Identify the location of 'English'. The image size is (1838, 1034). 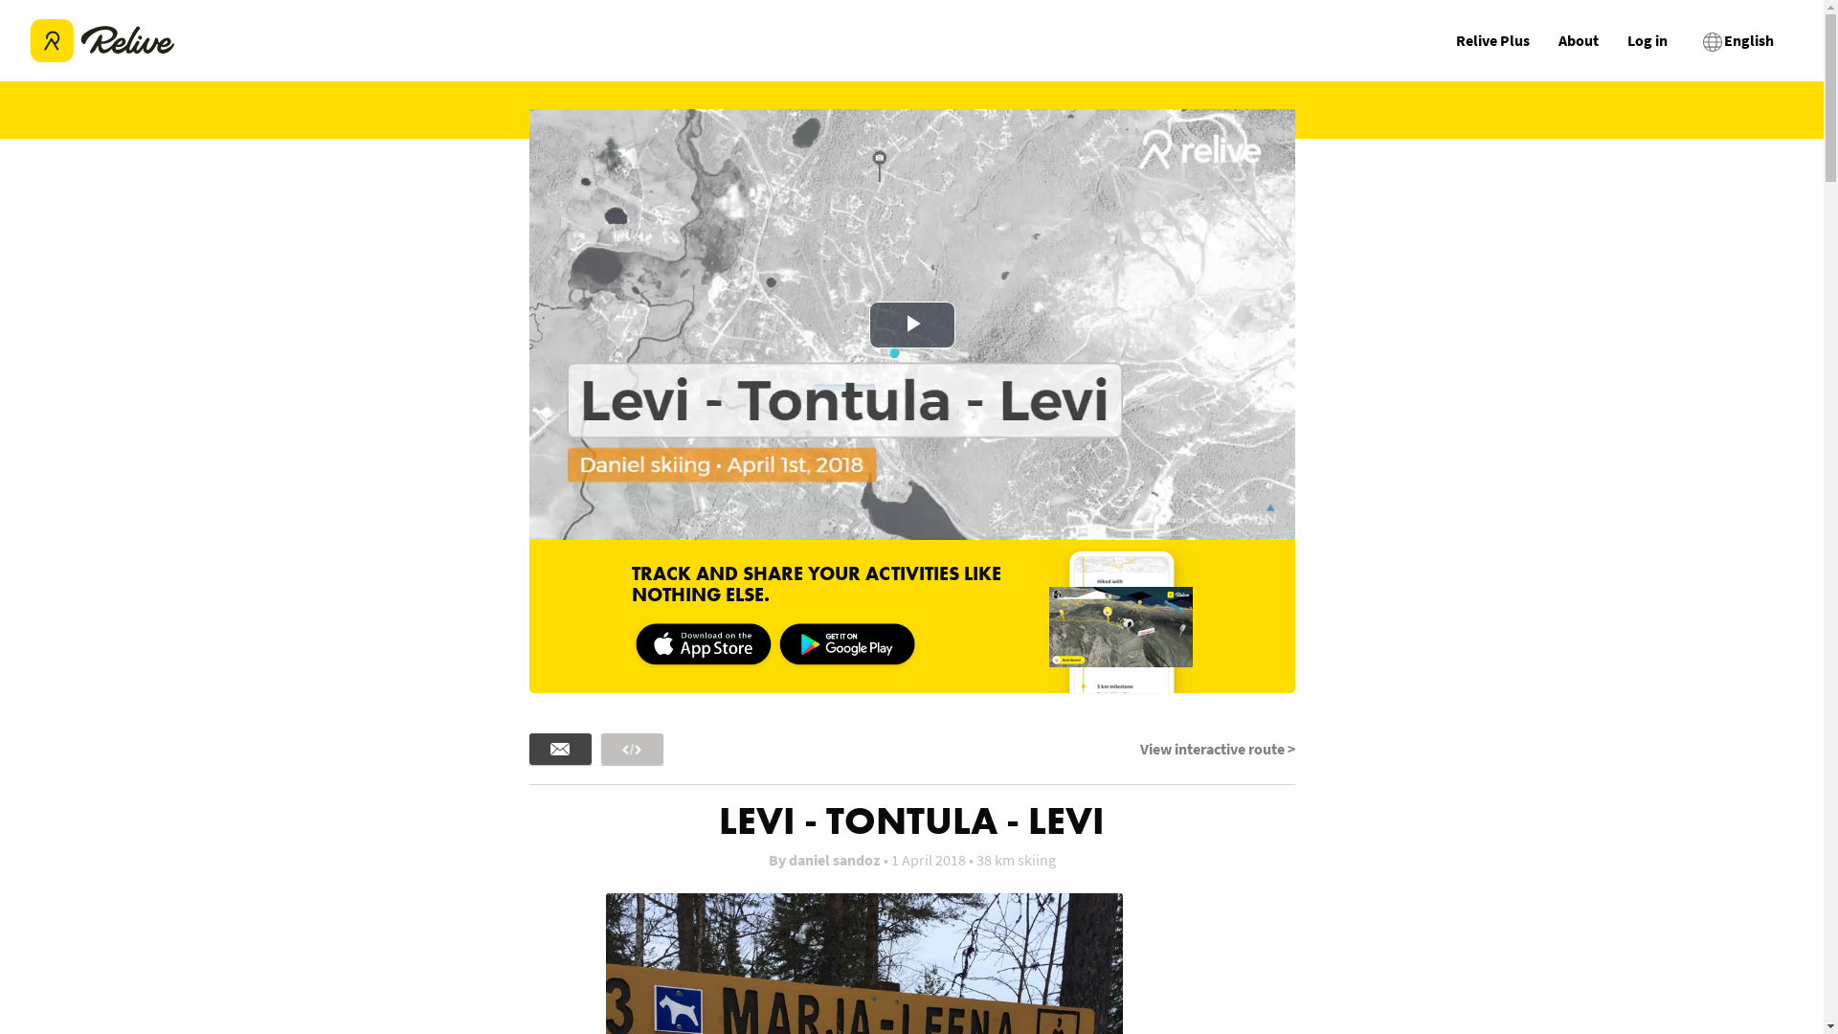
(1680, 40).